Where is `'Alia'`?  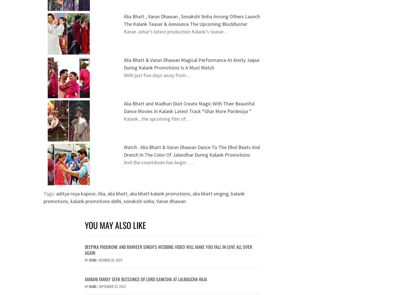 'Alia' is located at coordinates (101, 193).